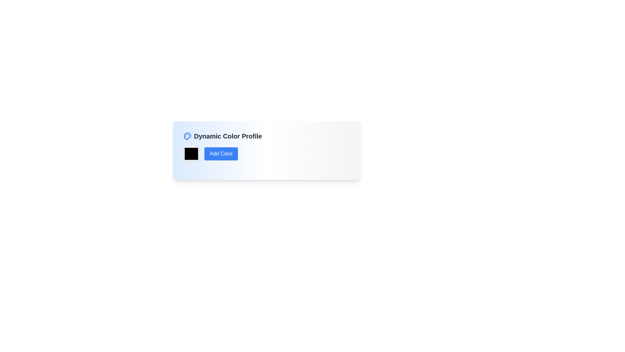  I want to click on the color input selector that represents the color black (#000000) in the color picker interface, so click(191, 154).